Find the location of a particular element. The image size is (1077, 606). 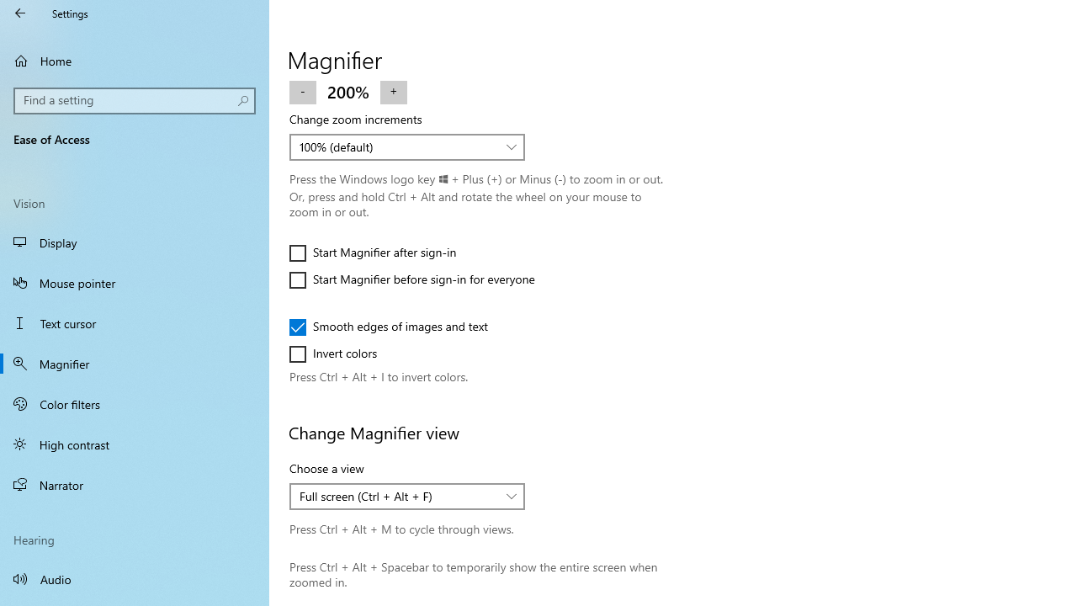

'Change zoom increments' is located at coordinates (407, 146).